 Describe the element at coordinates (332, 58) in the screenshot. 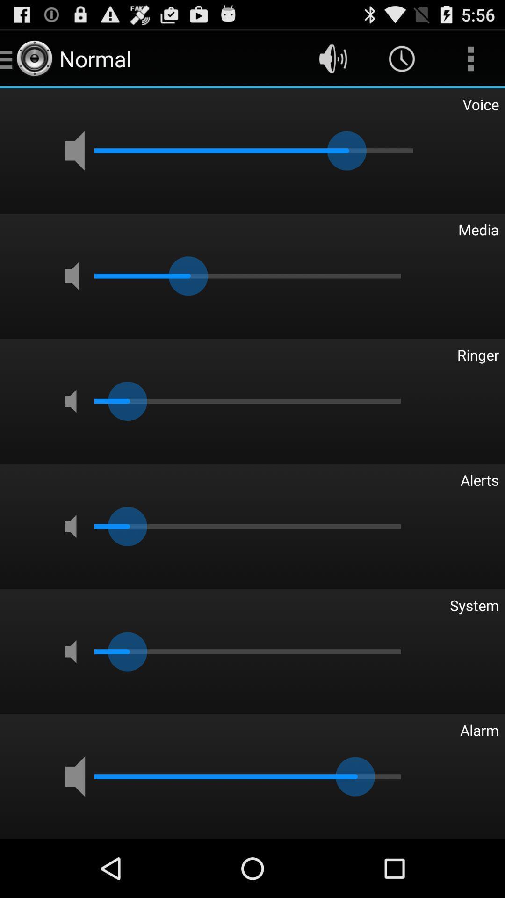

I see `the item to the right of normal app` at that location.